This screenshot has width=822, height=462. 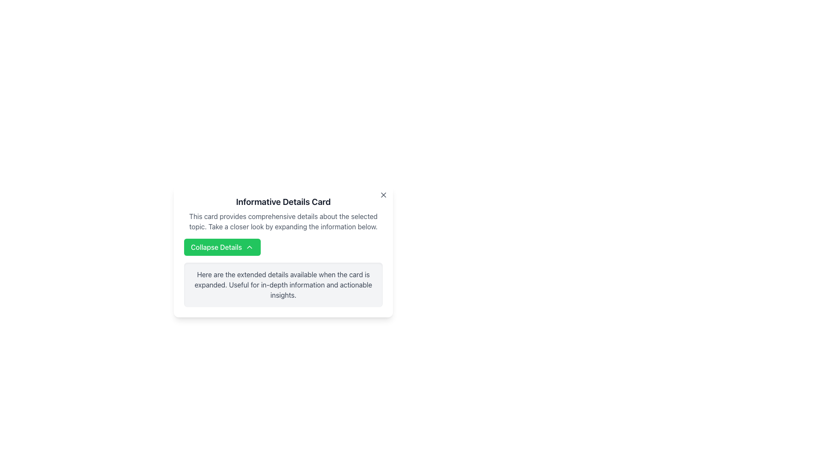 What do you see at coordinates (222, 247) in the screenshot?
I see `the collapse button located in the Informative Details Card panel` at bounding box center [222, 247].